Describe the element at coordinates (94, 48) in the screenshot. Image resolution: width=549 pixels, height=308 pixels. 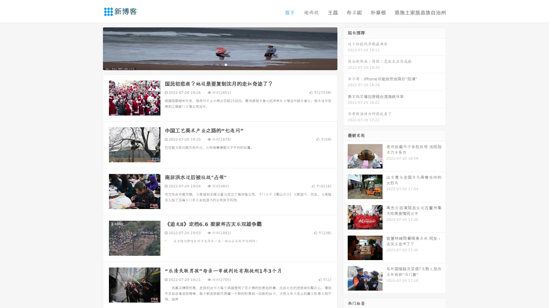
I see `Previous slide` at that location.